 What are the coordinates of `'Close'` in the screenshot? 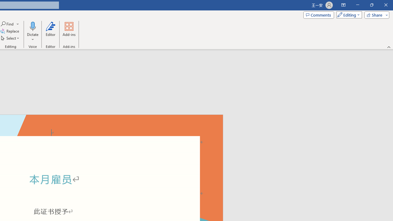 It's located at (385, 5).